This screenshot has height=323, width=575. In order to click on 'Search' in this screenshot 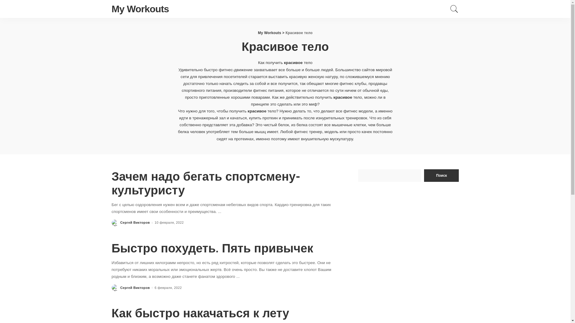, I will do `click(454, 9)`.